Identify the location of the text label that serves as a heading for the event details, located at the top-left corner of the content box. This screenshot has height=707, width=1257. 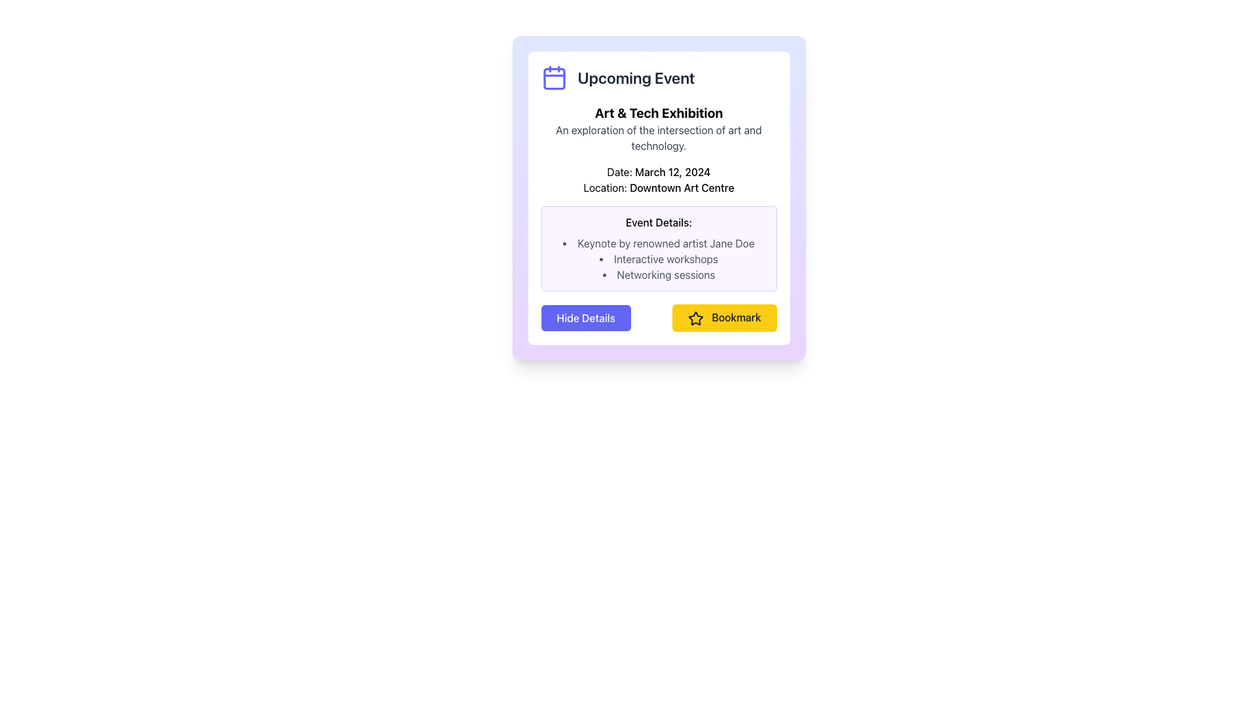
(659, 221).